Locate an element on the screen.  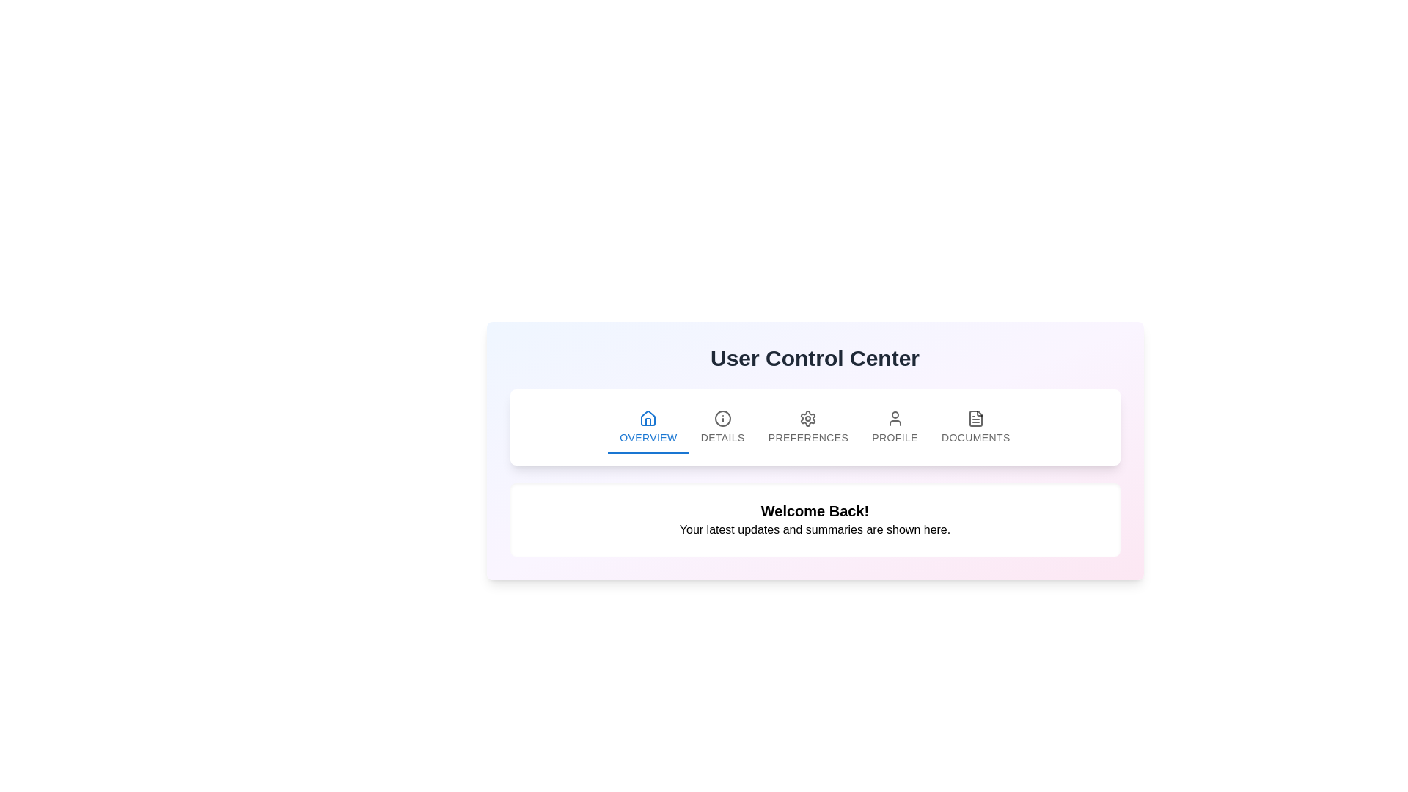
the static text element that provides introductory information beneath the 'Welcome Back!' text is located at coordinates (814, 529).